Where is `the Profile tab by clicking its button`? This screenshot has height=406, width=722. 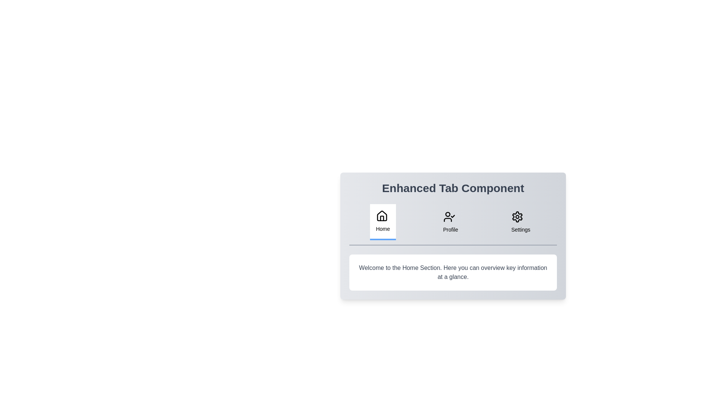
the Profile tab by clicking its button is located at coordinates (450, 221).